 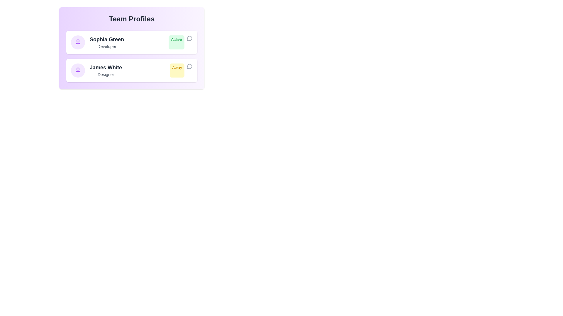 What do you see at coordinates (190, 38) in the screenshot?
I see `the circular message icon located at the far-right edge of the row for 'Sophia Green's' profile` at bounding box center [190, 38].